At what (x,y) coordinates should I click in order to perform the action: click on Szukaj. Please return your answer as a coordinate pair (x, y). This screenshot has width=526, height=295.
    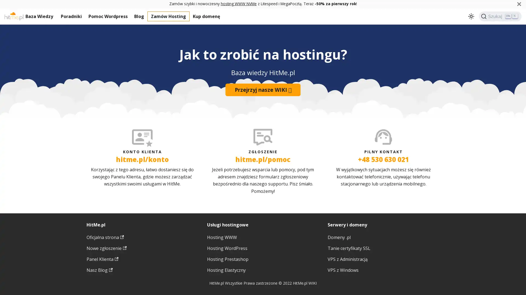
    Looking at the image, I should click on (500, 16).